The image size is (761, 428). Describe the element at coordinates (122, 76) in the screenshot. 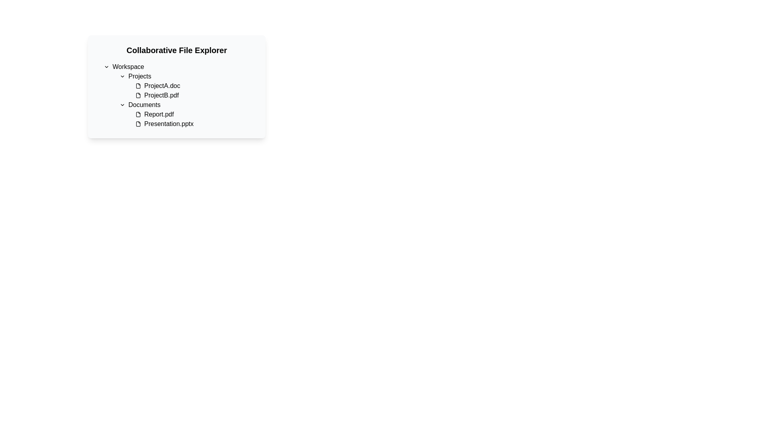

I see `the interactive icon located to the left of the 'Projects' text` at that location.